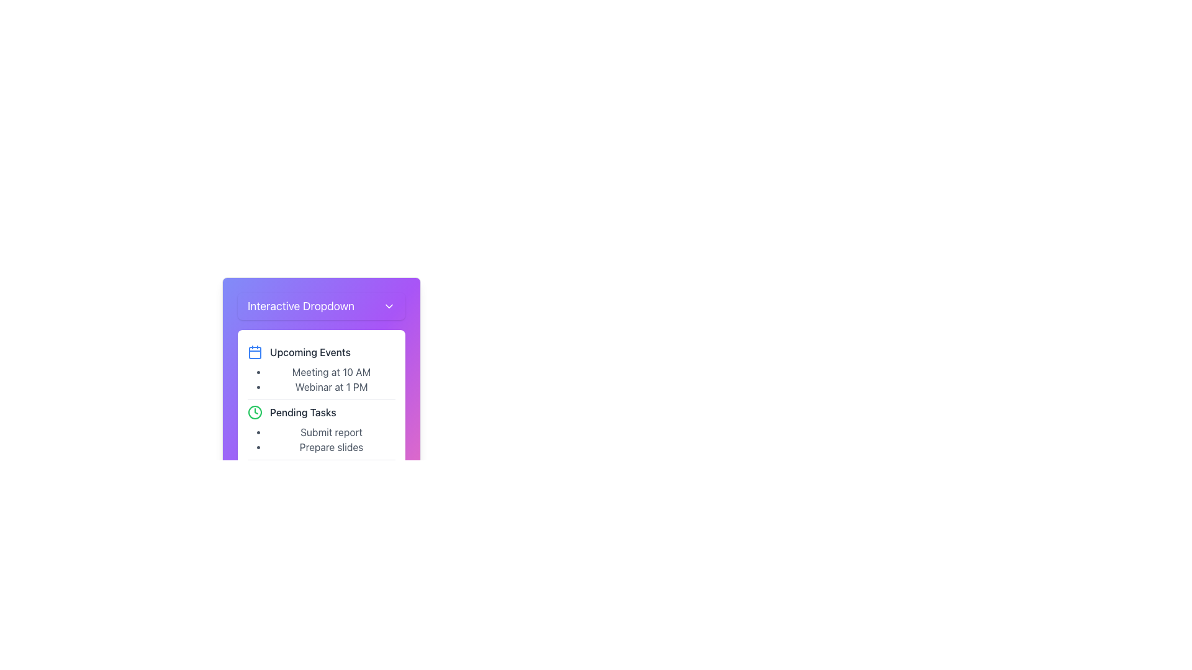 Image resolution: width=1192 pixels, height=670 pixels. Describe the element at coordinates (255, 352) in the screenshot. I see `the blue outline calendar icon positioned to the left of the 'Upcoming Events' text in the drop-down interface` at that location.